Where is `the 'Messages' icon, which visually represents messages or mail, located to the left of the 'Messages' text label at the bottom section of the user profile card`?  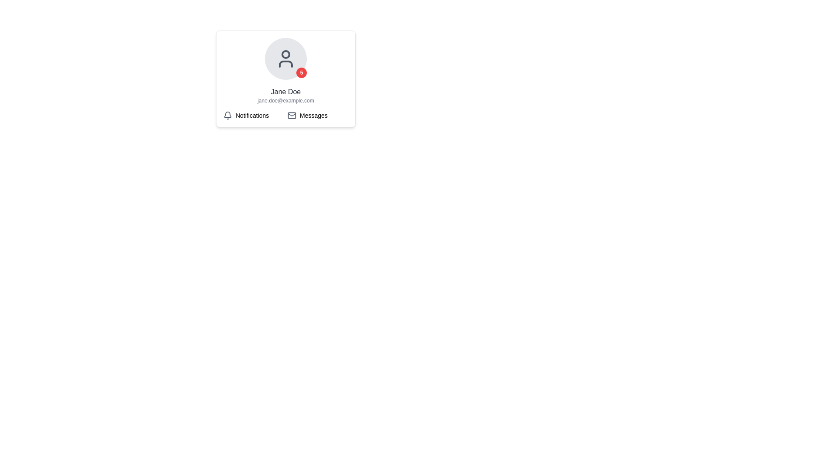
the 'Messages' icon, which visually represents messages or mail, located to the left of the 'Messages' text label at the bottom section of the user profile card is located at coordinates (292, 115).